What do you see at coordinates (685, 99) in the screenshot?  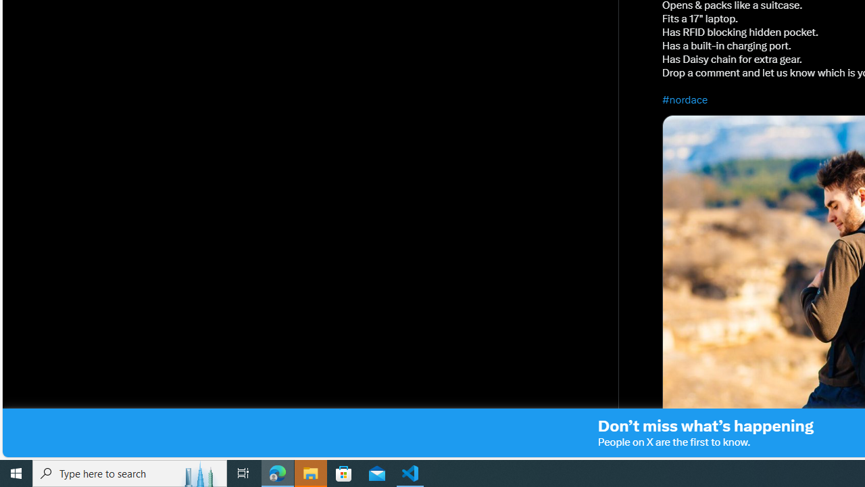 I see `'#nordace'` at bounding box center [685, 99].